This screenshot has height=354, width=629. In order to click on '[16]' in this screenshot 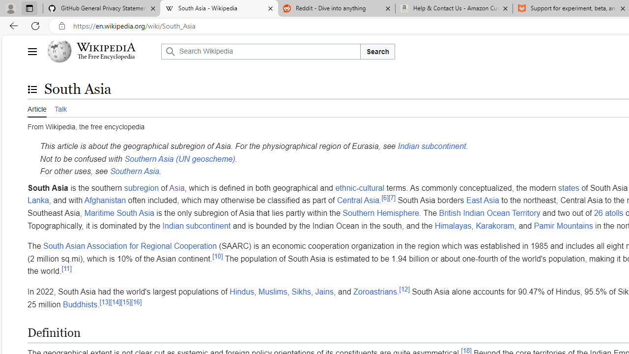, I will do `click(136, 301)`.